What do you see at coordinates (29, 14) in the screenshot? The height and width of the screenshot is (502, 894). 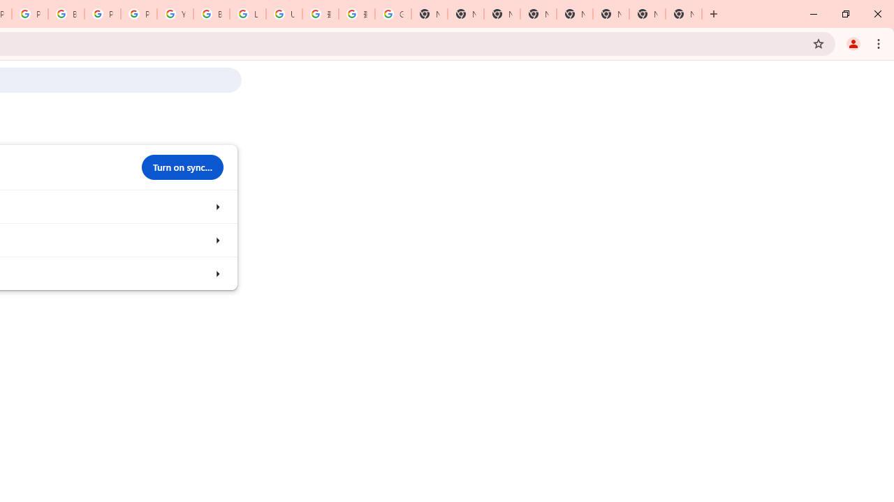 I see `'Privacy Help Center - Policies Help'` at bounding box center [29, 14].